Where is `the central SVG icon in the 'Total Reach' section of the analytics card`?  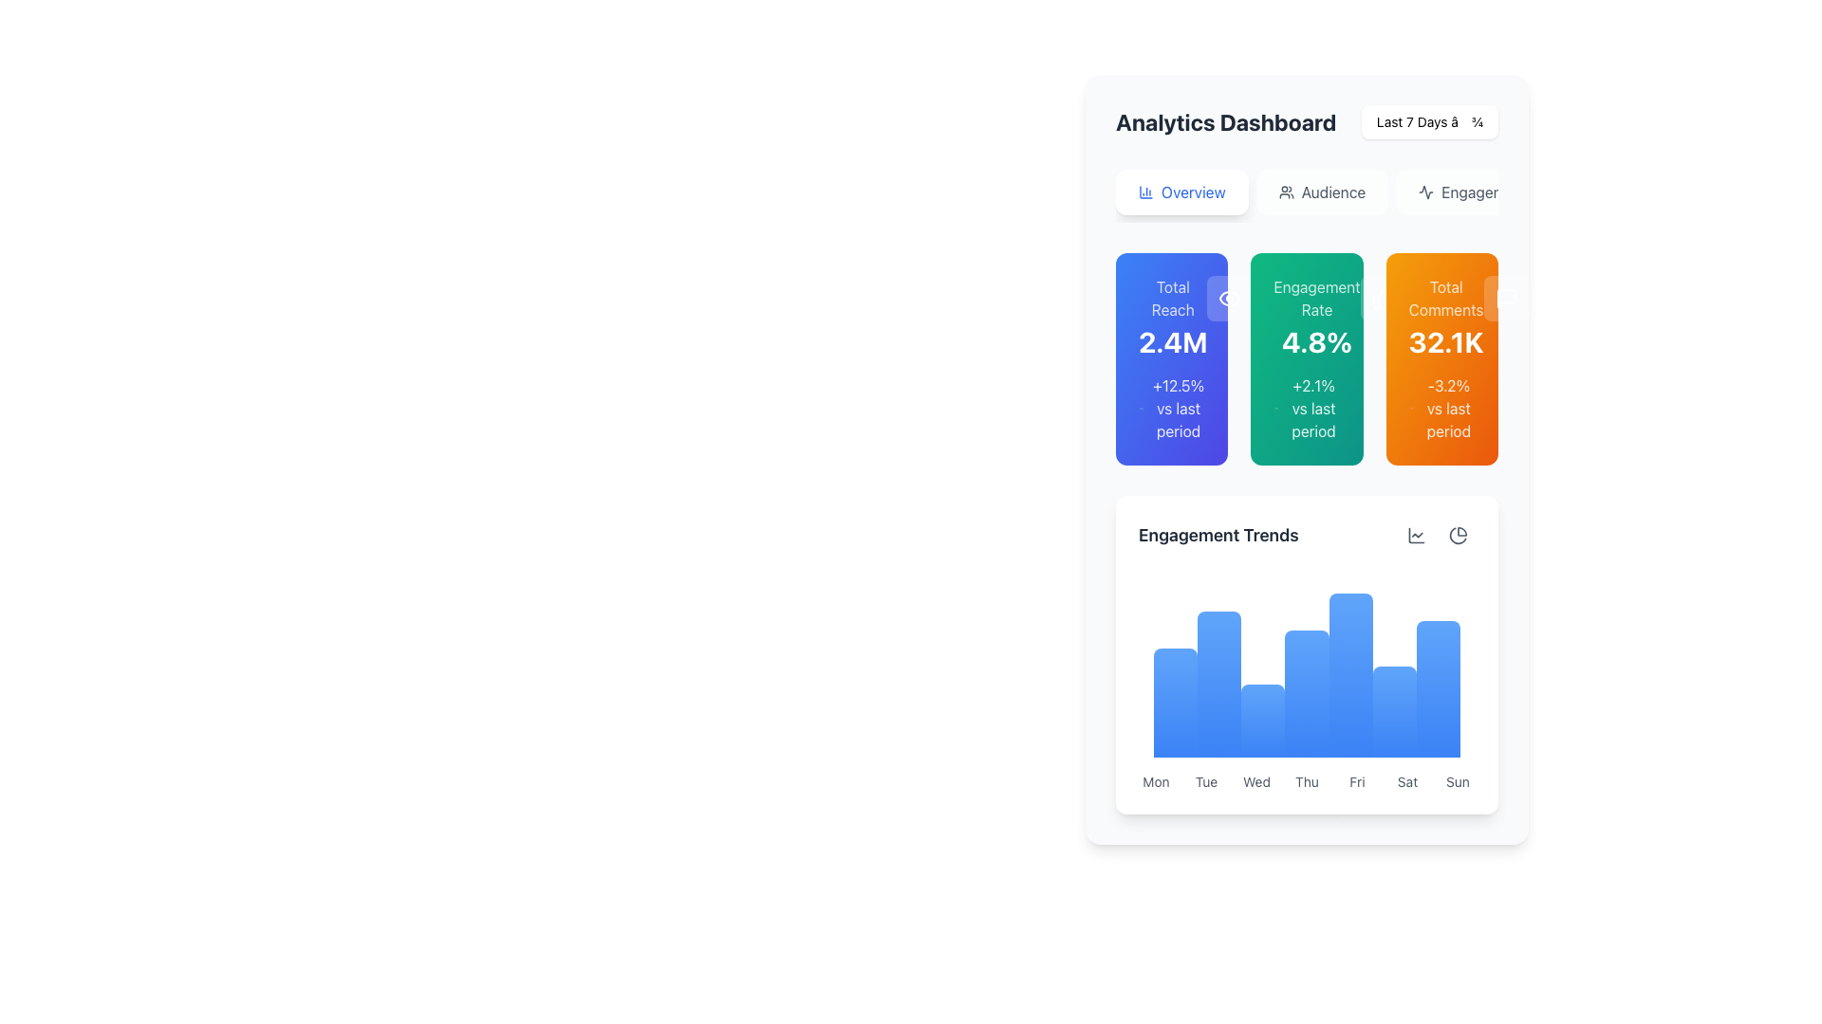 the central SVG icon in the 'Total Reach' section of the analytics card is located at coordinates (1230, 299).